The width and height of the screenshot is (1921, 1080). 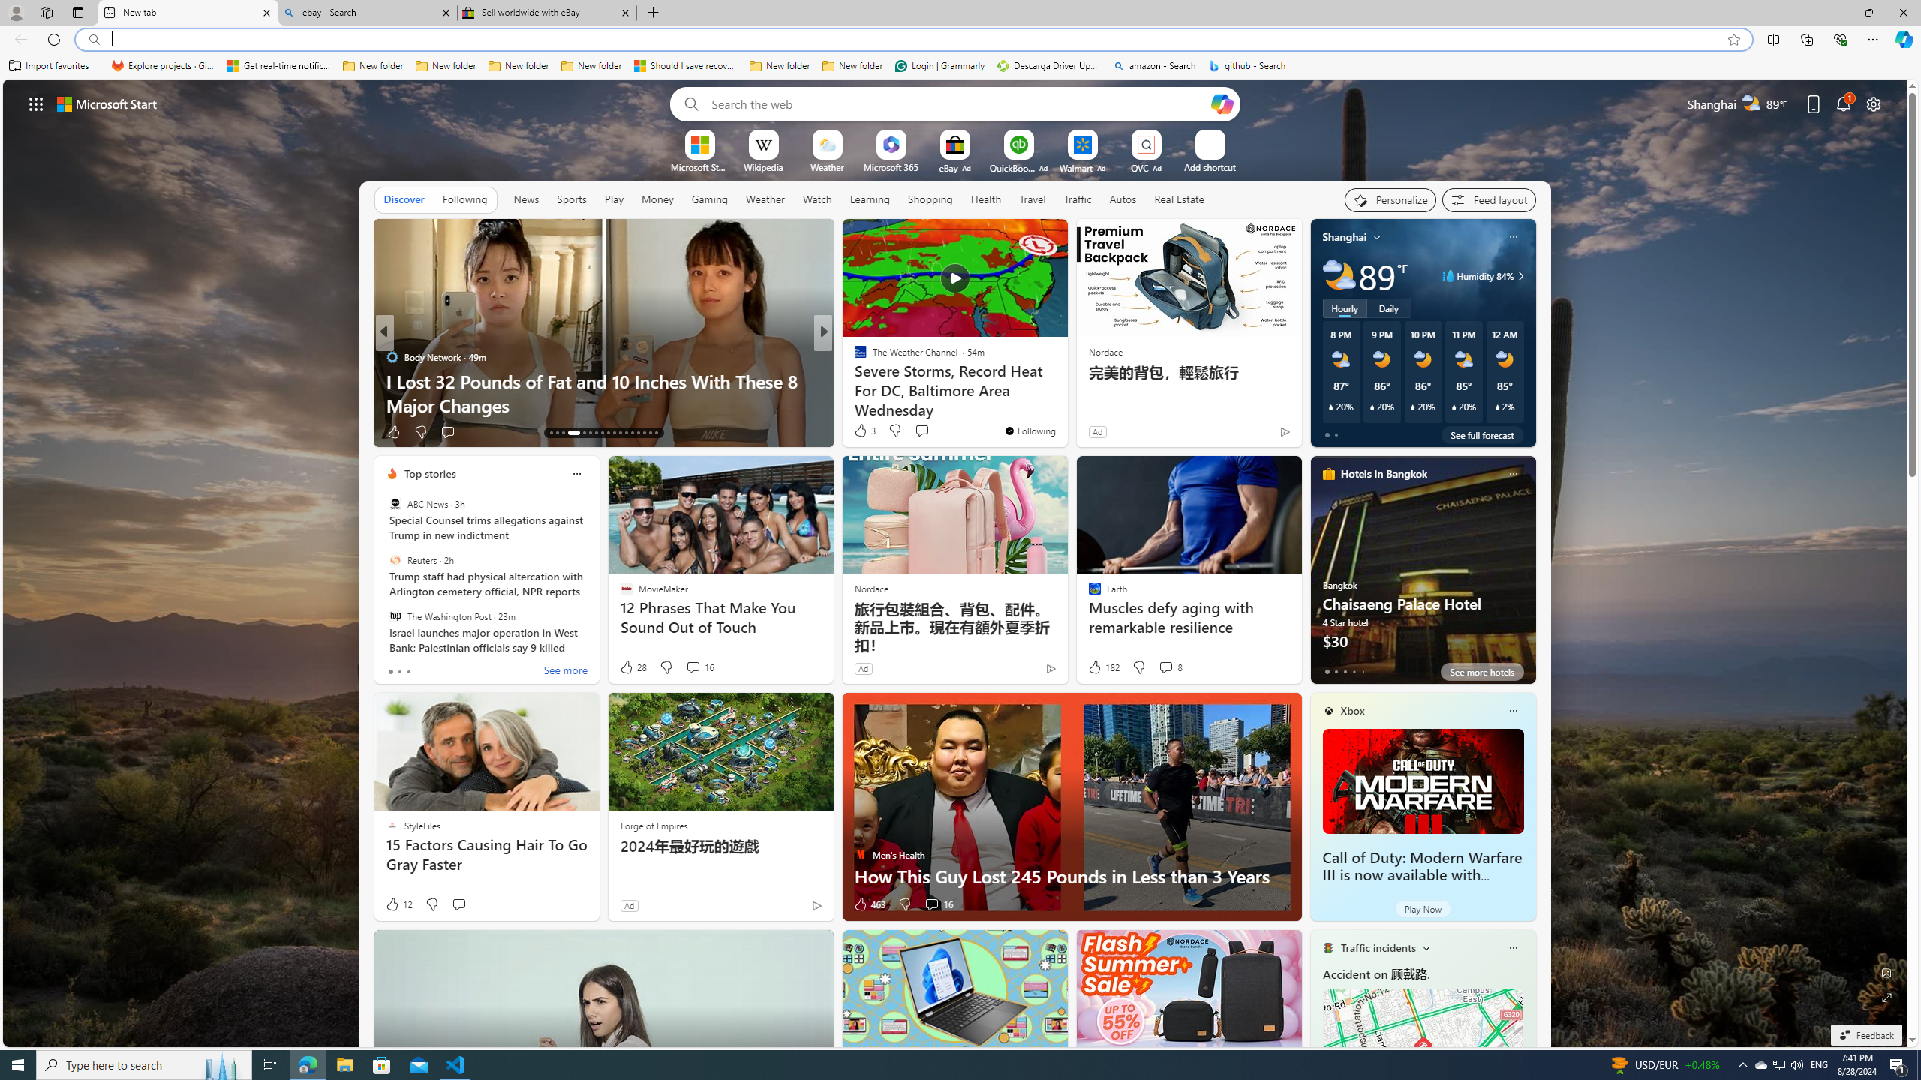 I want to click on 'AutomationID: tab-15', so click(x=563, y=433).